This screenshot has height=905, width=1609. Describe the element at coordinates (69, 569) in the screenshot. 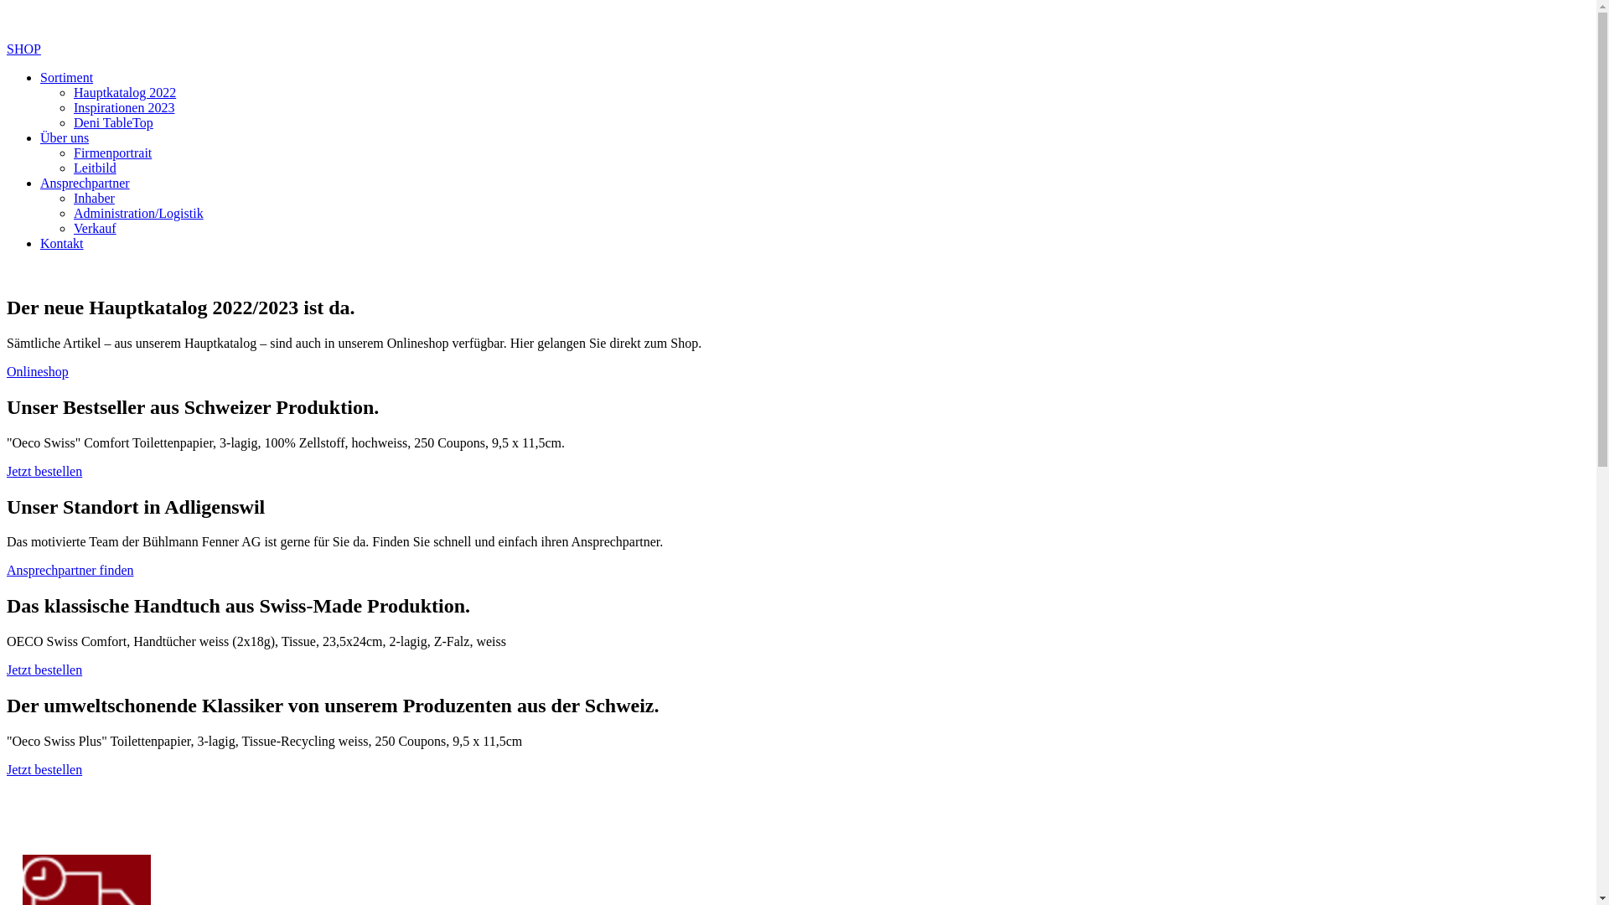

I see `'Ansprechpartner finden'` at that location.